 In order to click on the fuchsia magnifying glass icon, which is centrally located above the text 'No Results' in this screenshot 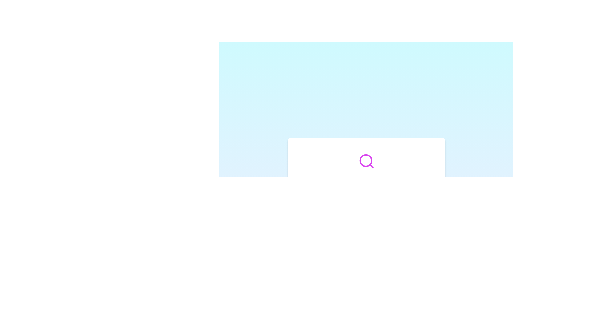, I will do `click(366, 161)`.